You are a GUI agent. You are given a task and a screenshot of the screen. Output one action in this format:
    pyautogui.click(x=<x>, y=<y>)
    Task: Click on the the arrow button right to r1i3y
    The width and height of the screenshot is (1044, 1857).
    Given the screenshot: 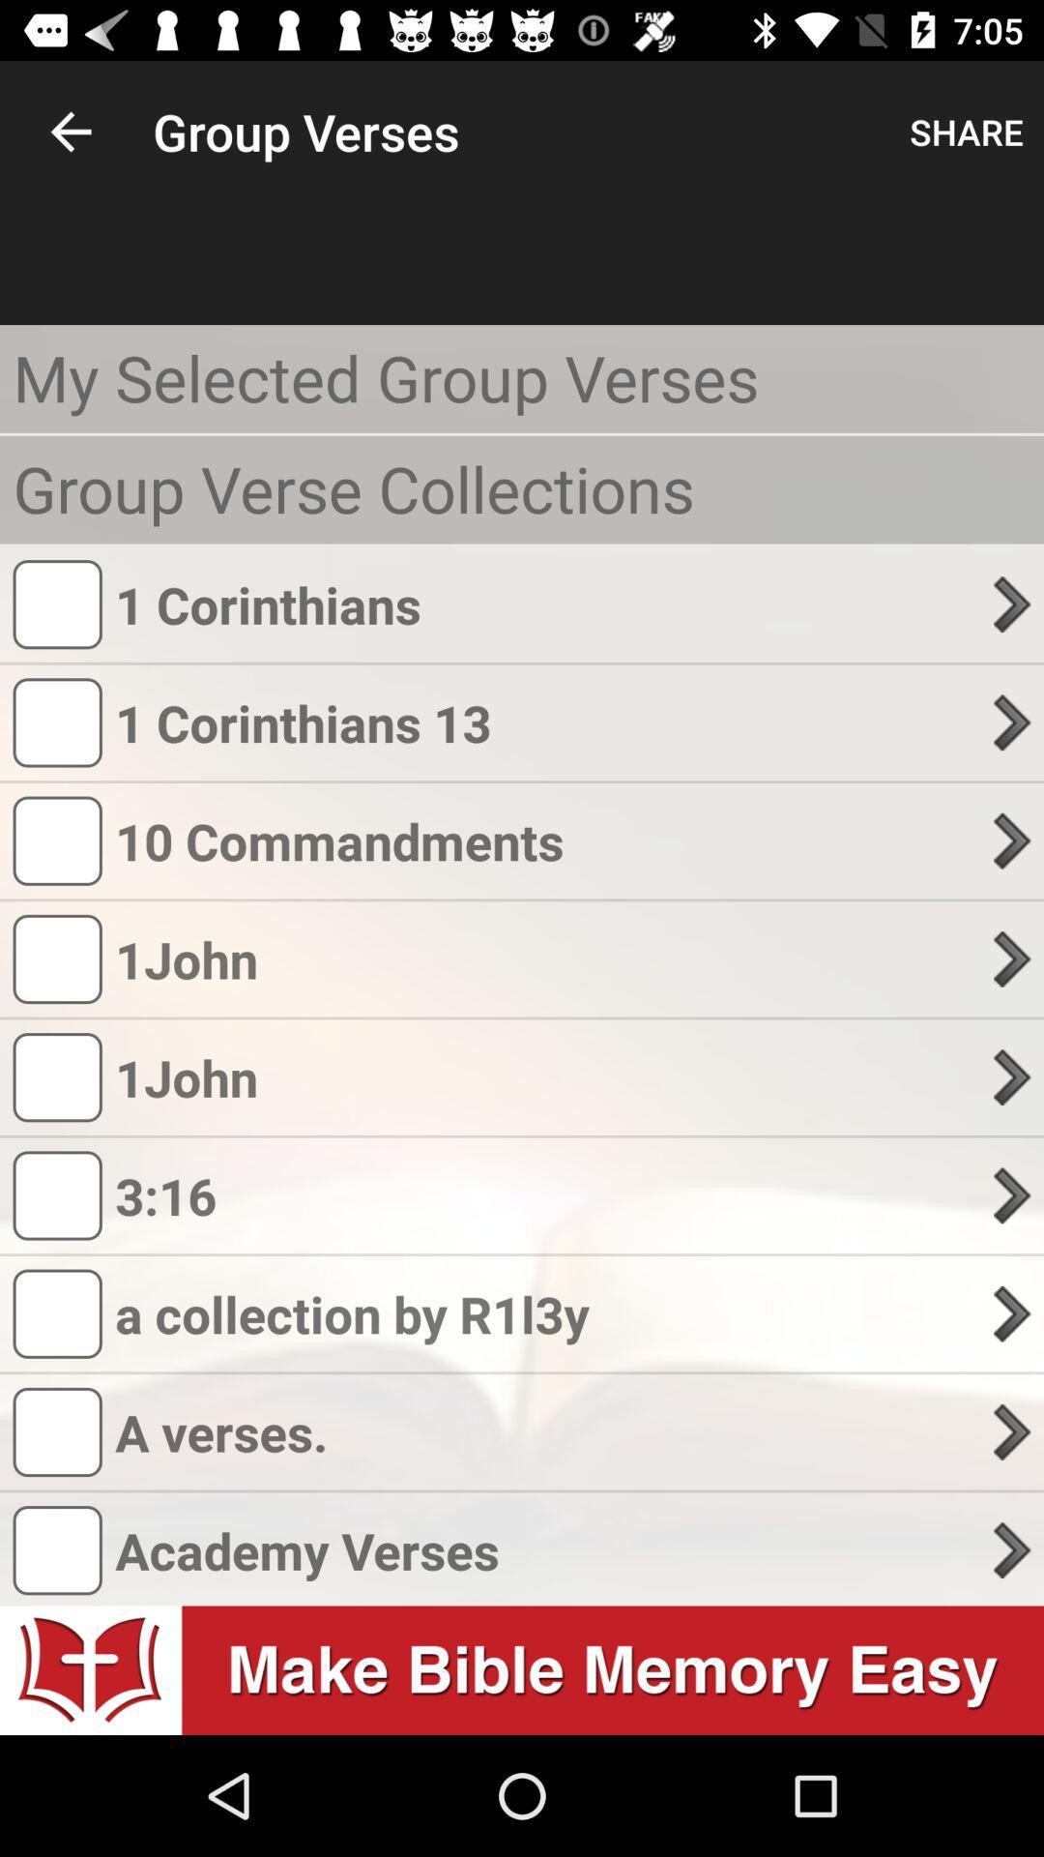 What is the action you would take?
    pyautogui.click(x=1011, y=1313)
    